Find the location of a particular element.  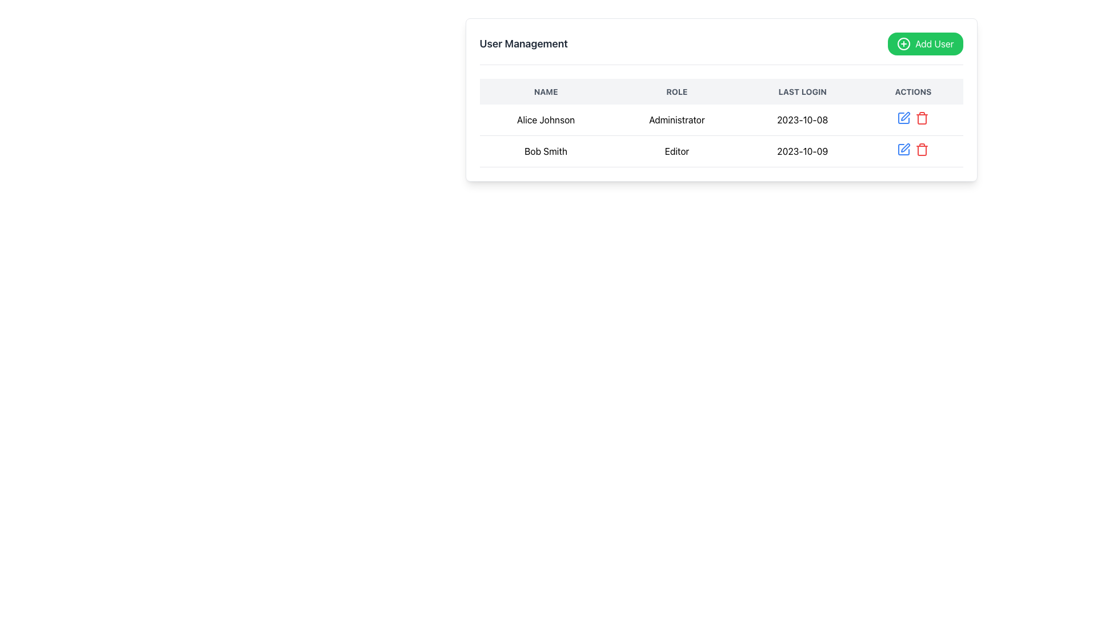

the text label displaying the user's name 'Bob Smith' in the second row of the user management table under the 'NAME' column is located at coordinates (545, 151).